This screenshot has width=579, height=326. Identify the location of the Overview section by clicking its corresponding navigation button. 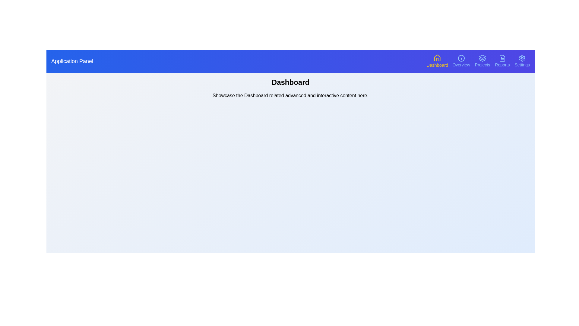
(461, 61).